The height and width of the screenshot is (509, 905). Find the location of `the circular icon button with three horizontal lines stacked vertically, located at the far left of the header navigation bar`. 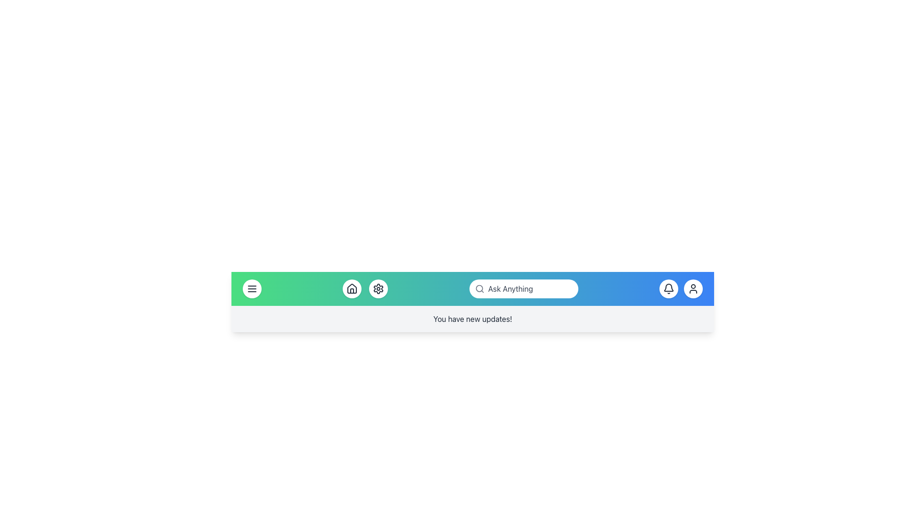

the circular icon button with three horizontal lines stacked vertically, located at the far left of the header navigation bar is located at coordinates (252, 288).